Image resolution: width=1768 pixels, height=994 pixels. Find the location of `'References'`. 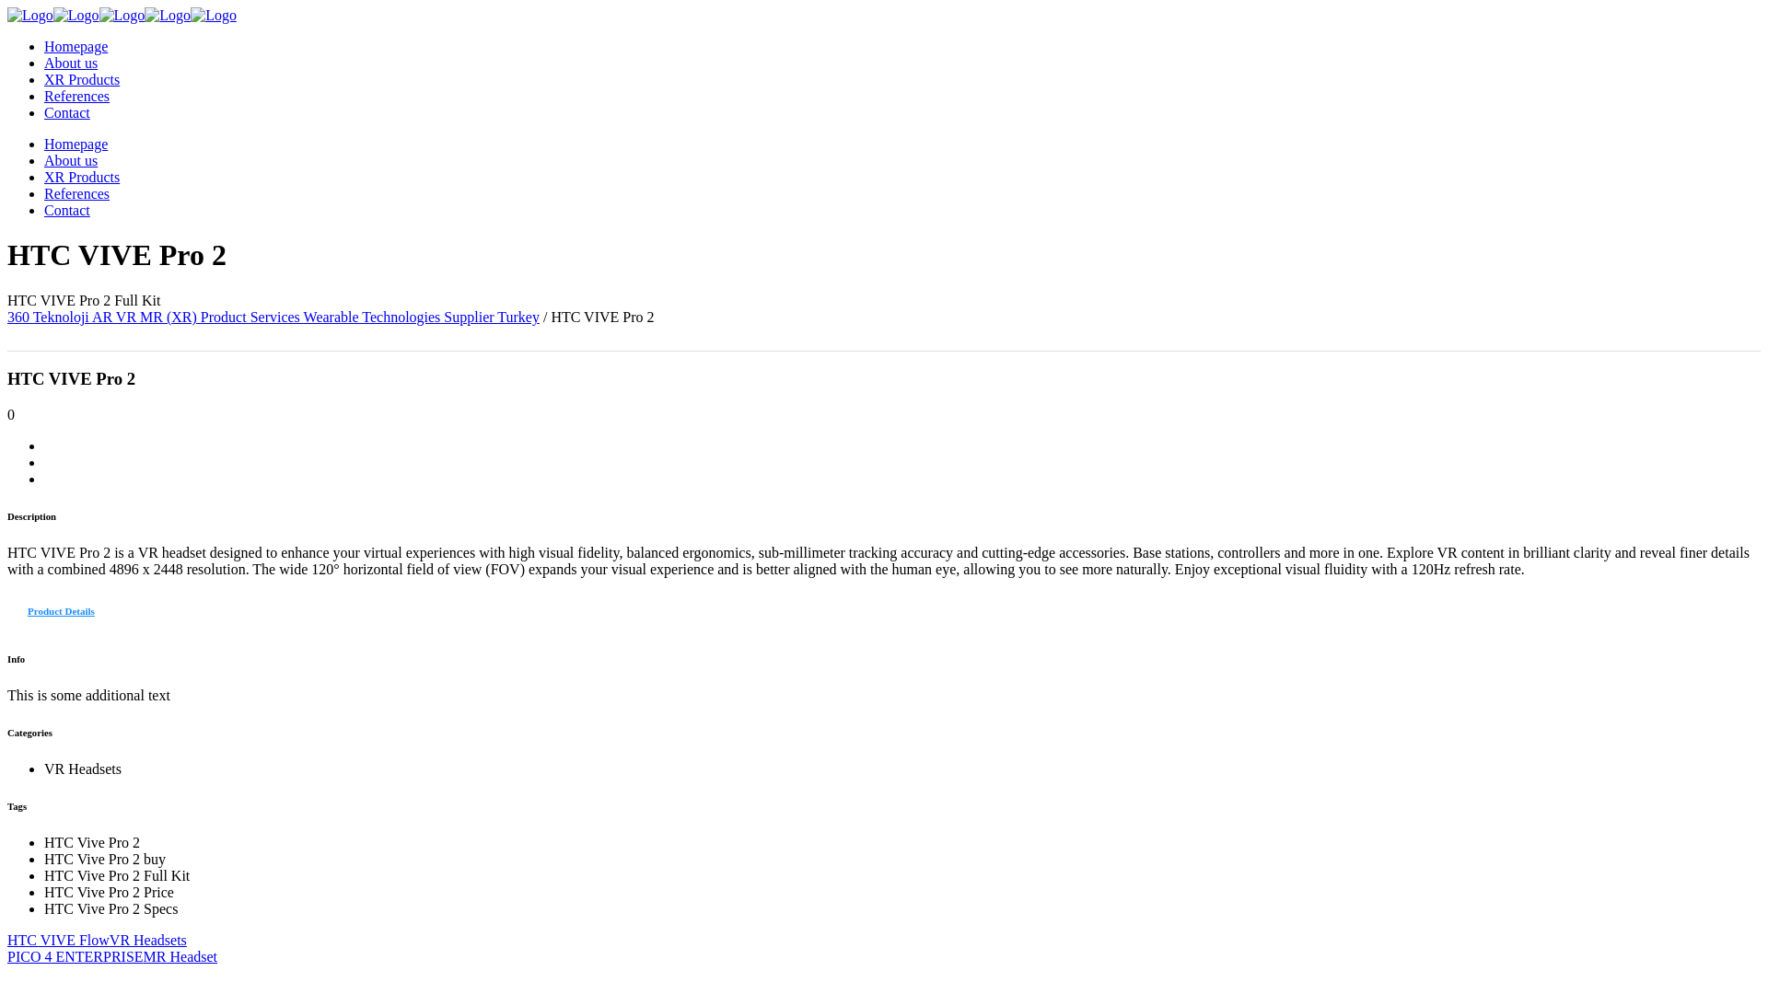

'References' is located at coordinates (76, 193).